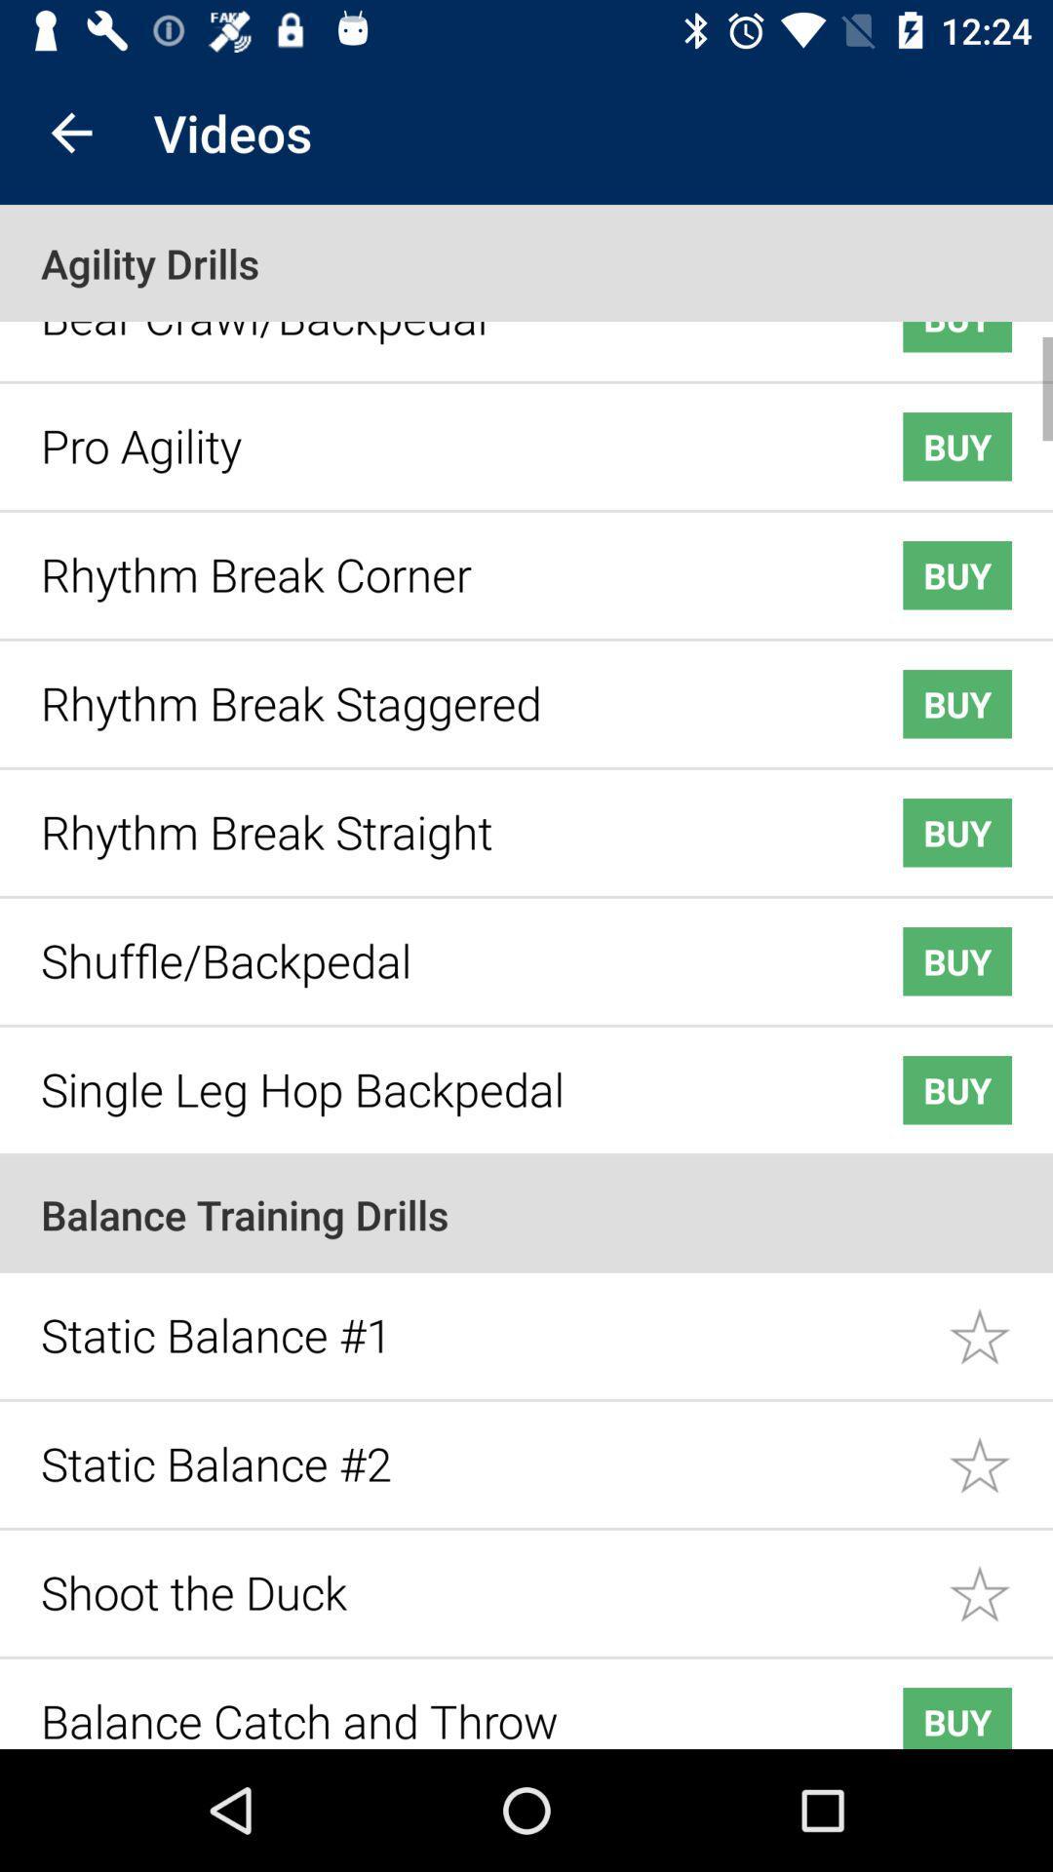 This screenshot has width=1053, height=1872. I want to click on the item next to the buy, so click(441, 1705).